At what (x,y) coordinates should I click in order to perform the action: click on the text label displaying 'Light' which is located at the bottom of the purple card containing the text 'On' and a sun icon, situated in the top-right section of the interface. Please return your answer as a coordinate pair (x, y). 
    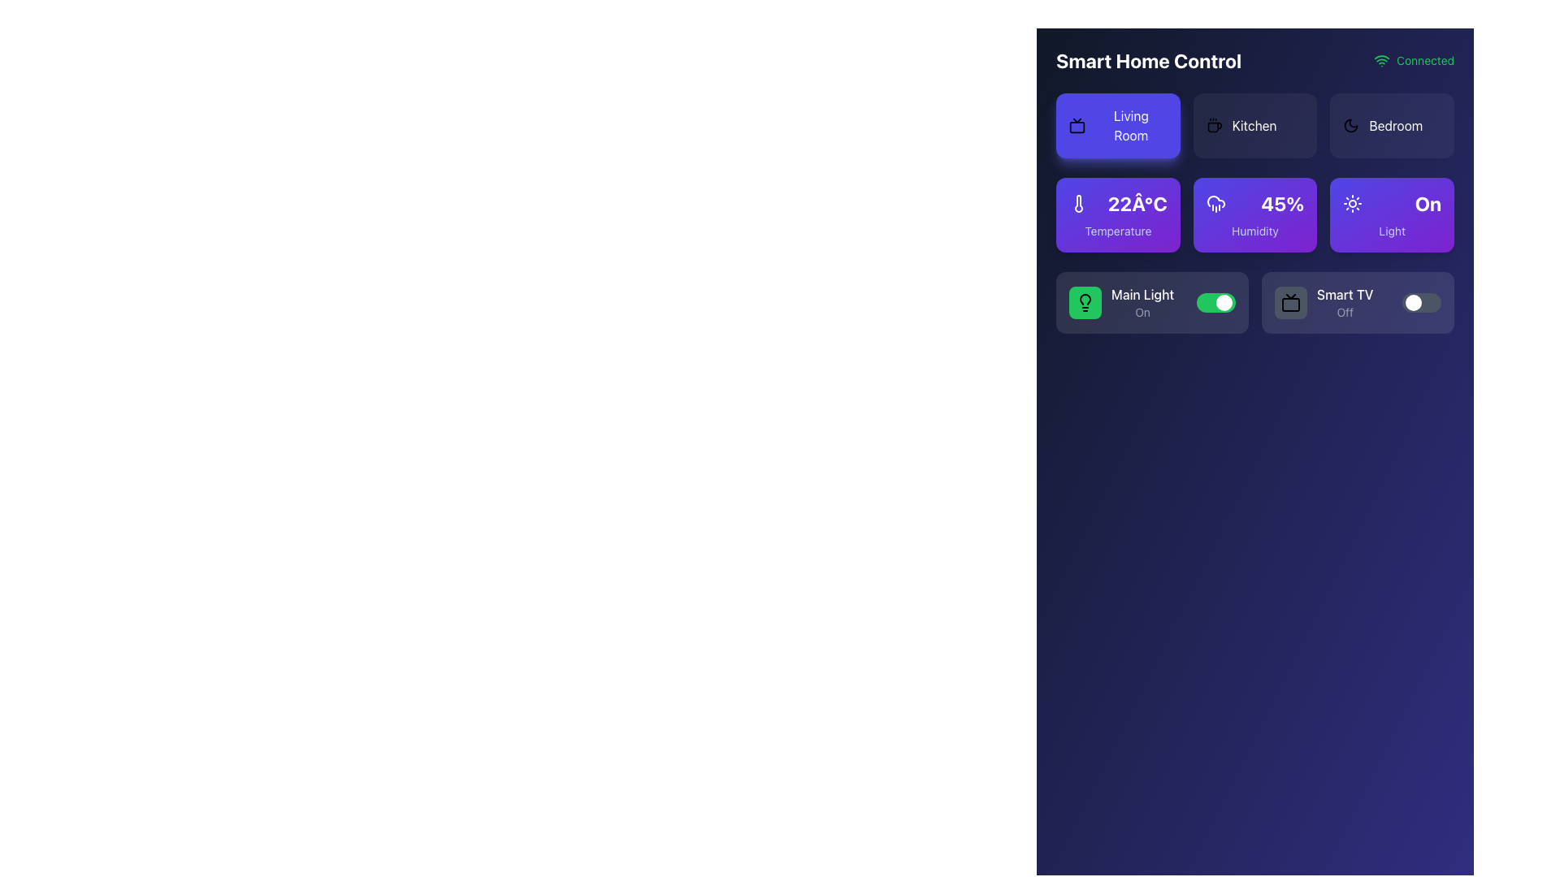
    Looking at the image, I should click on (1391, 231).